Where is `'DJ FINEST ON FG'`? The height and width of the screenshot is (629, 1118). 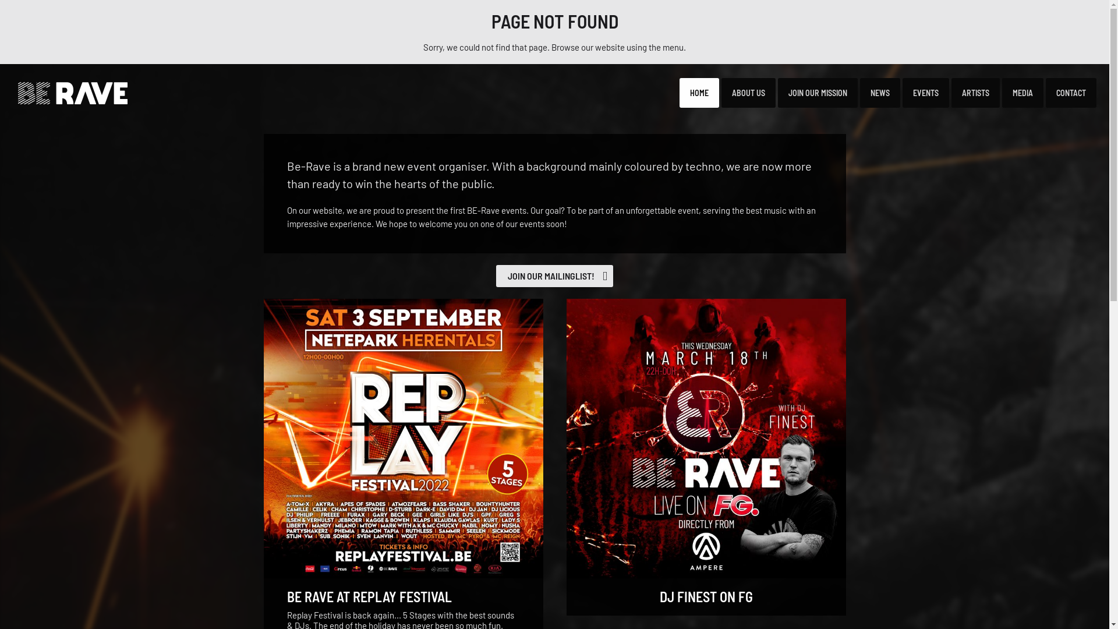 'DJ FINEST ON FG' is located at coordinates (705, 596).